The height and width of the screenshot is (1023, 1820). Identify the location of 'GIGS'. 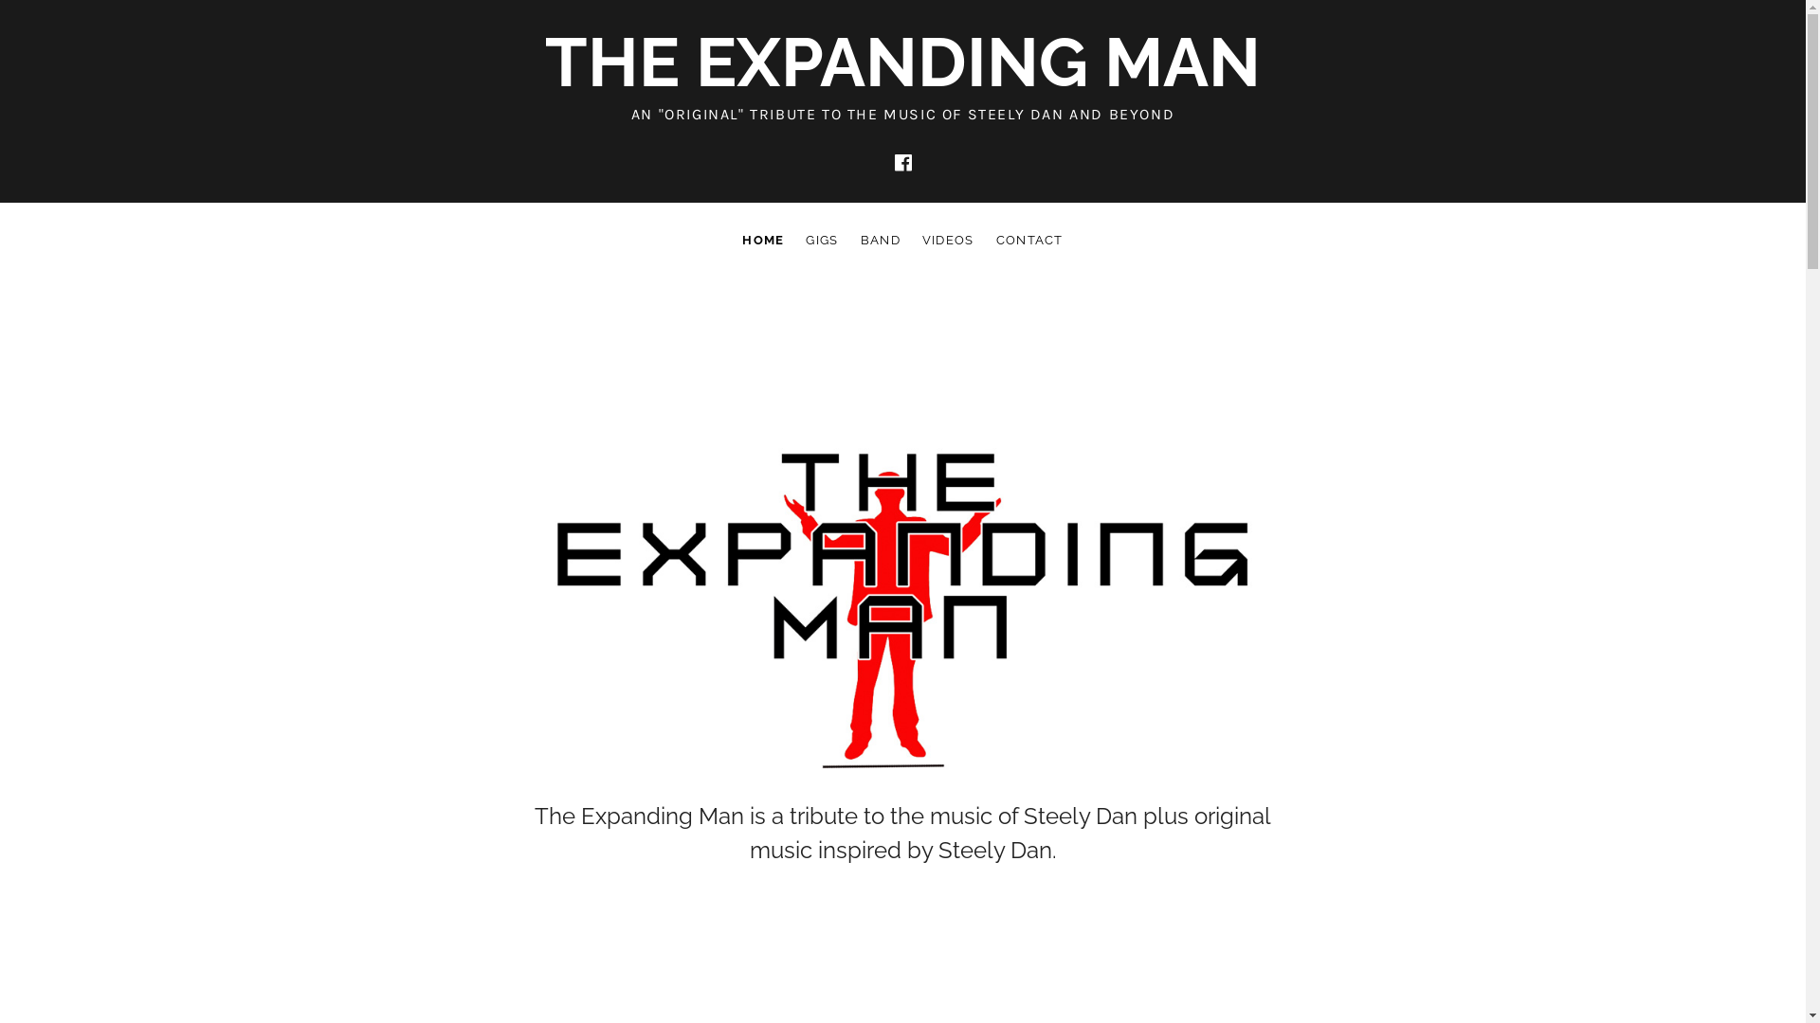
(822, 240).